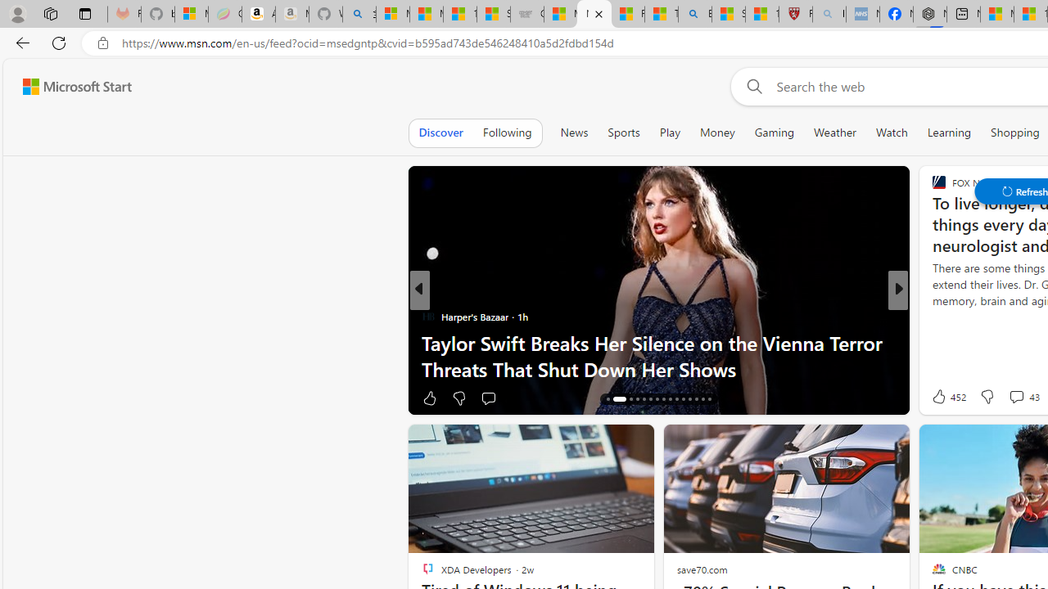 This screenshot has height=589, width=1048. Describe the element at coordinates (1018, 398) in the screenshot. I see `'View comments 67 Comment'` at that location.